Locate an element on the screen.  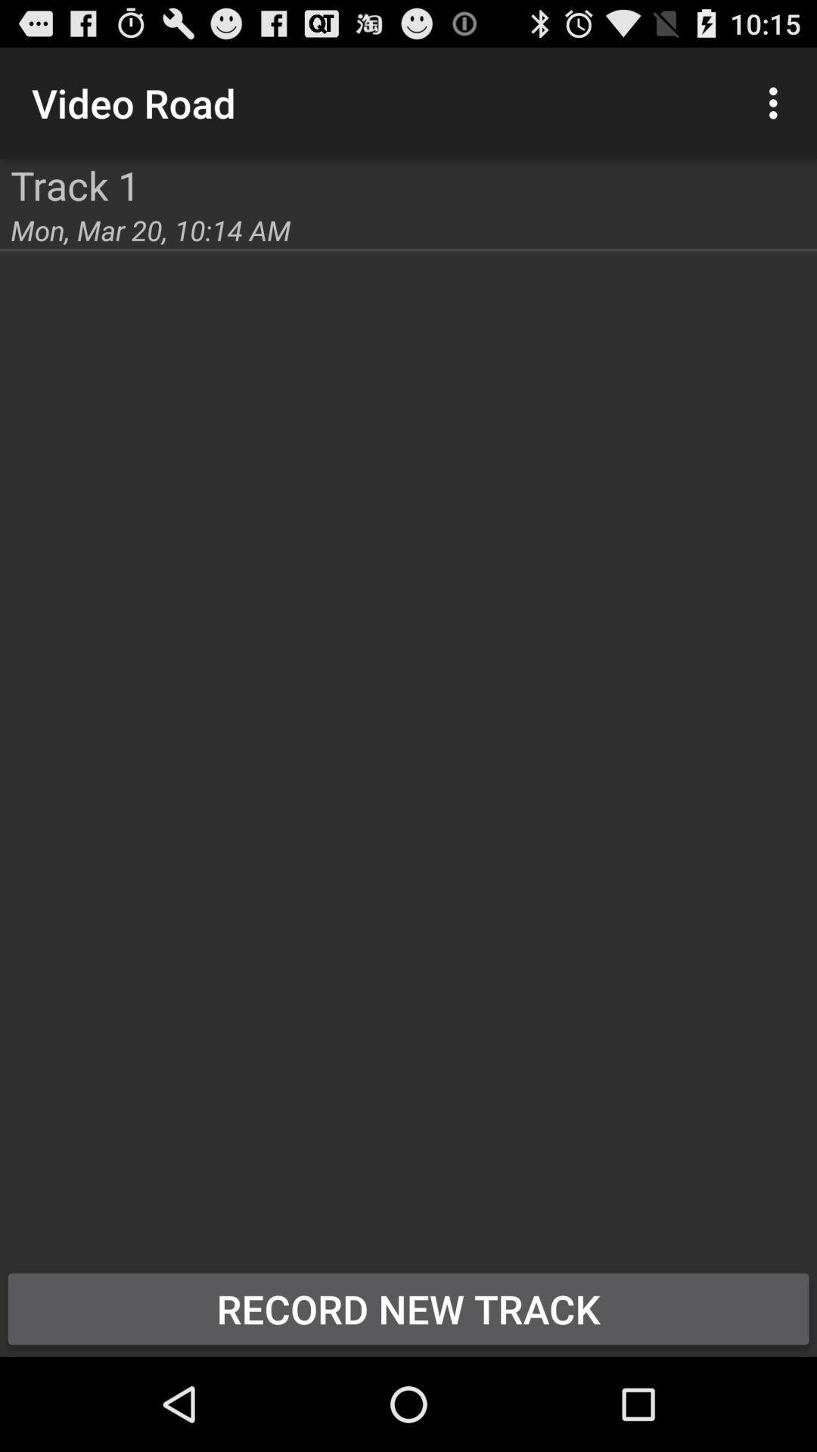
the icon above record new track icon is located at coordinates (0, 159).